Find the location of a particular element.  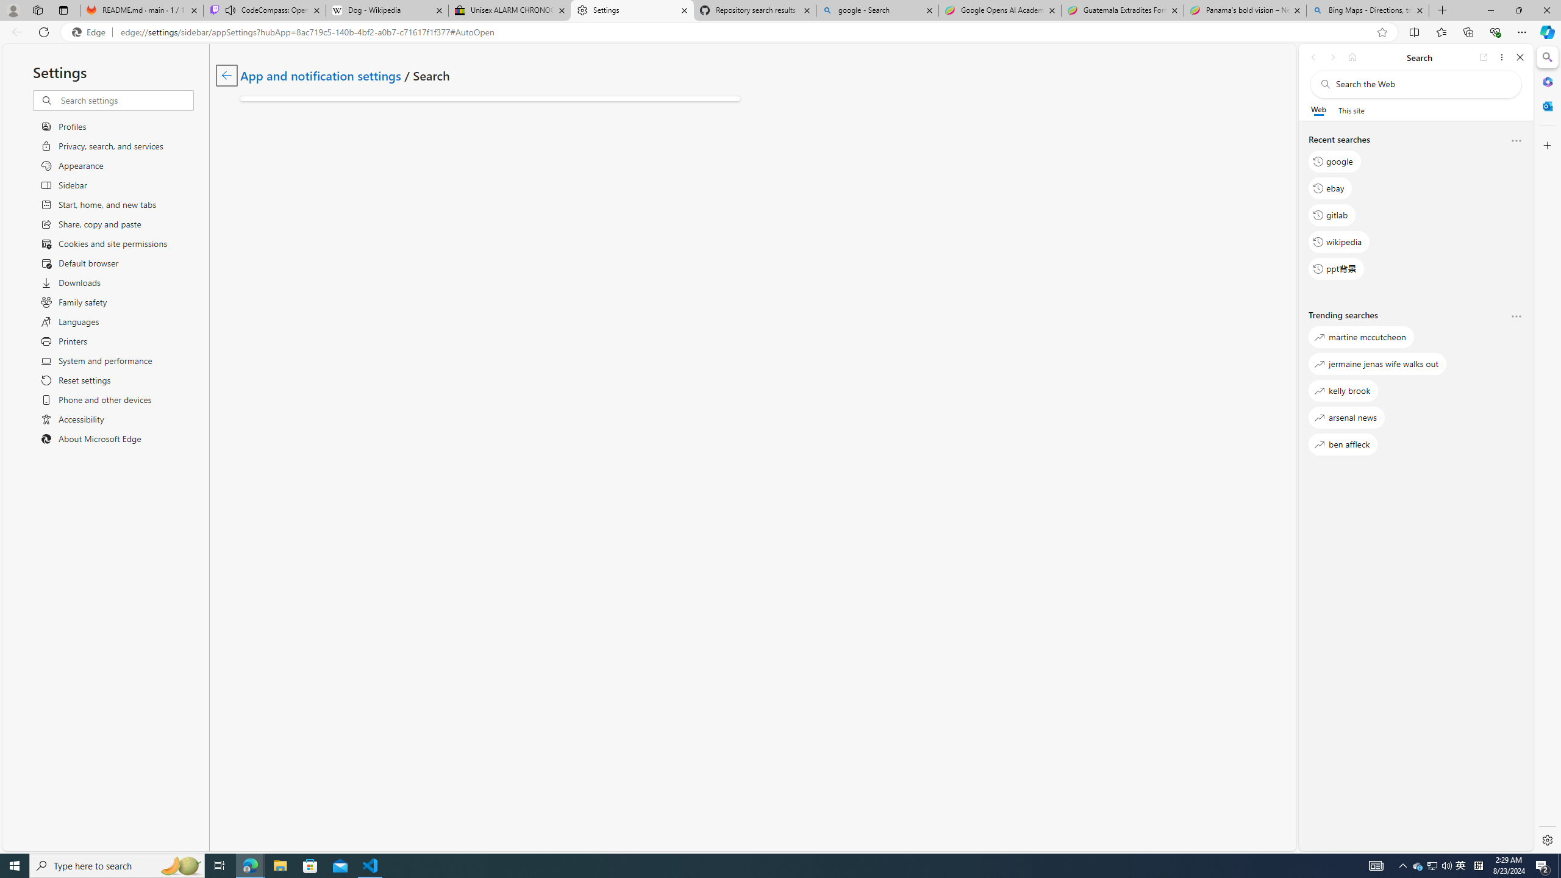

'Search settings' is located at coordinates (126, 100).